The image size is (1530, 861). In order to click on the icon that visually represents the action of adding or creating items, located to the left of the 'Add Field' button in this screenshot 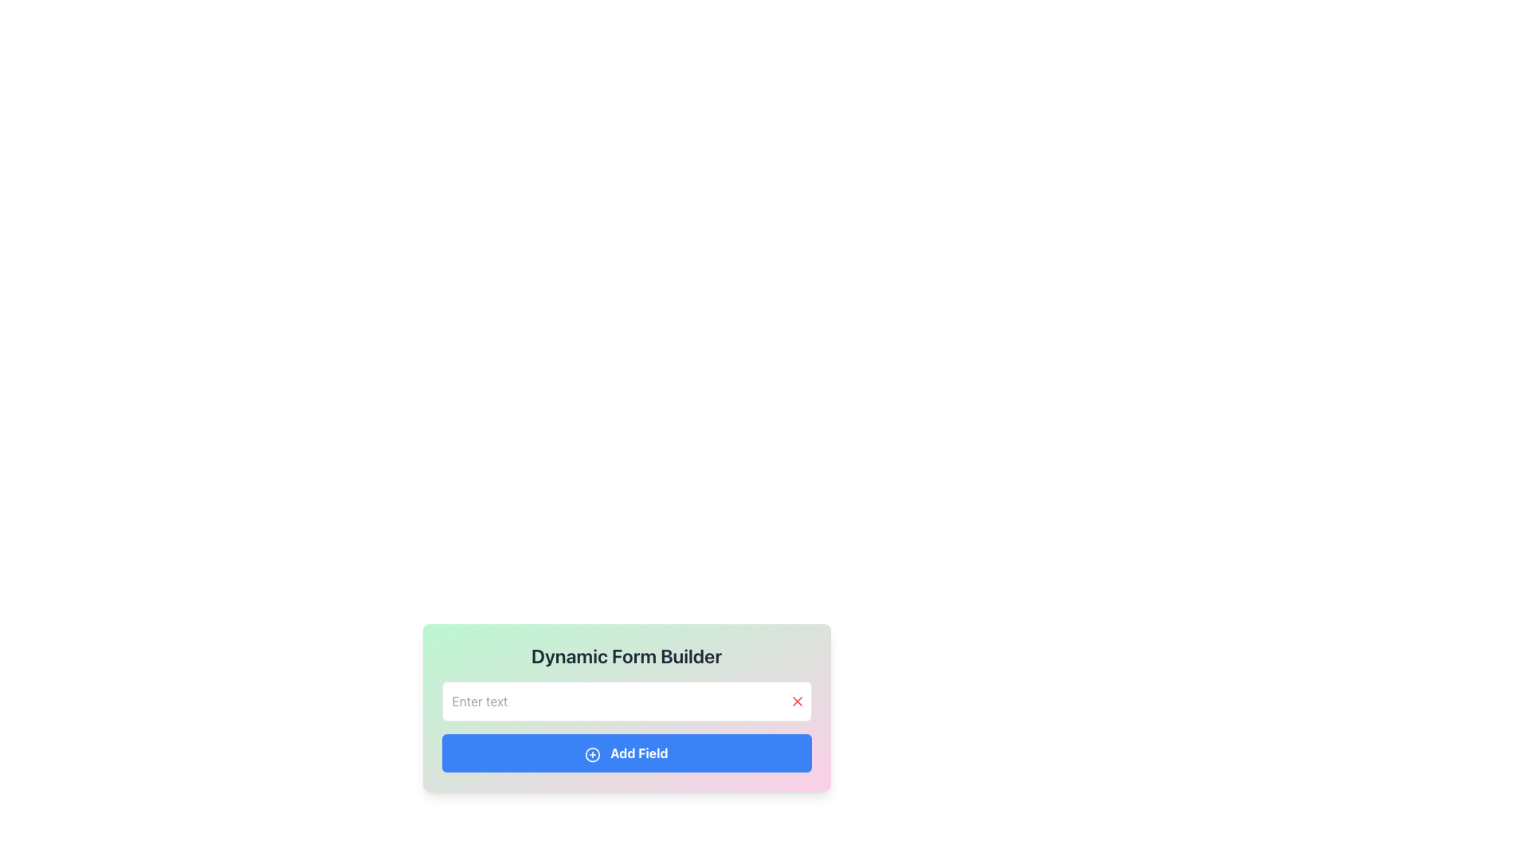, I will do `click(592, 753)`.